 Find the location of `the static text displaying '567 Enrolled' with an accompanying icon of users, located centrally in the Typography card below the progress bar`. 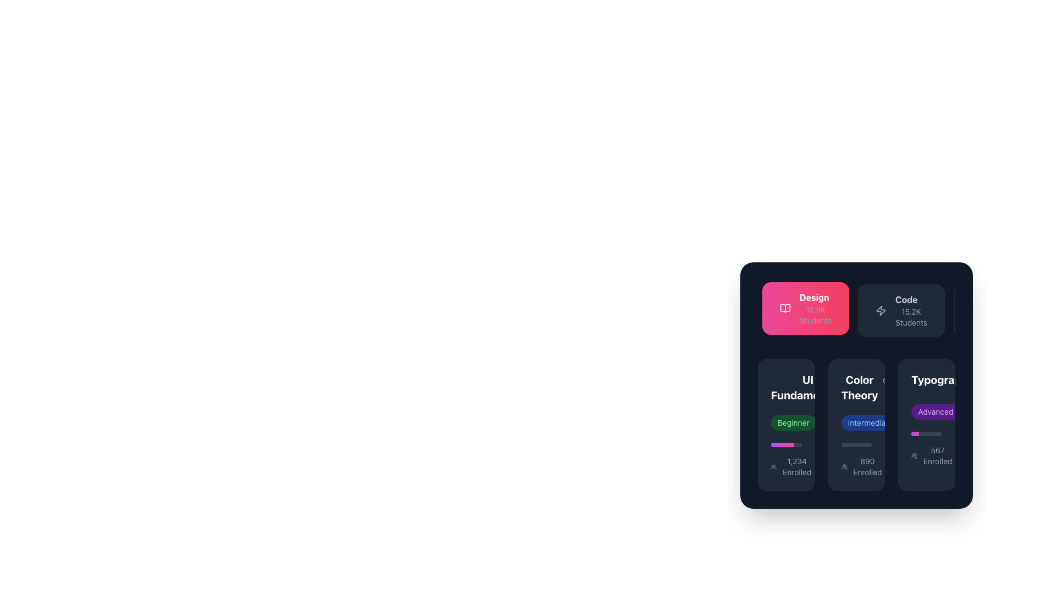

the static text displaying '567 Enrolled' with an accompanying icon of users, located centrally in the Typography card below the progress bar is located at coordinates (932, 456).